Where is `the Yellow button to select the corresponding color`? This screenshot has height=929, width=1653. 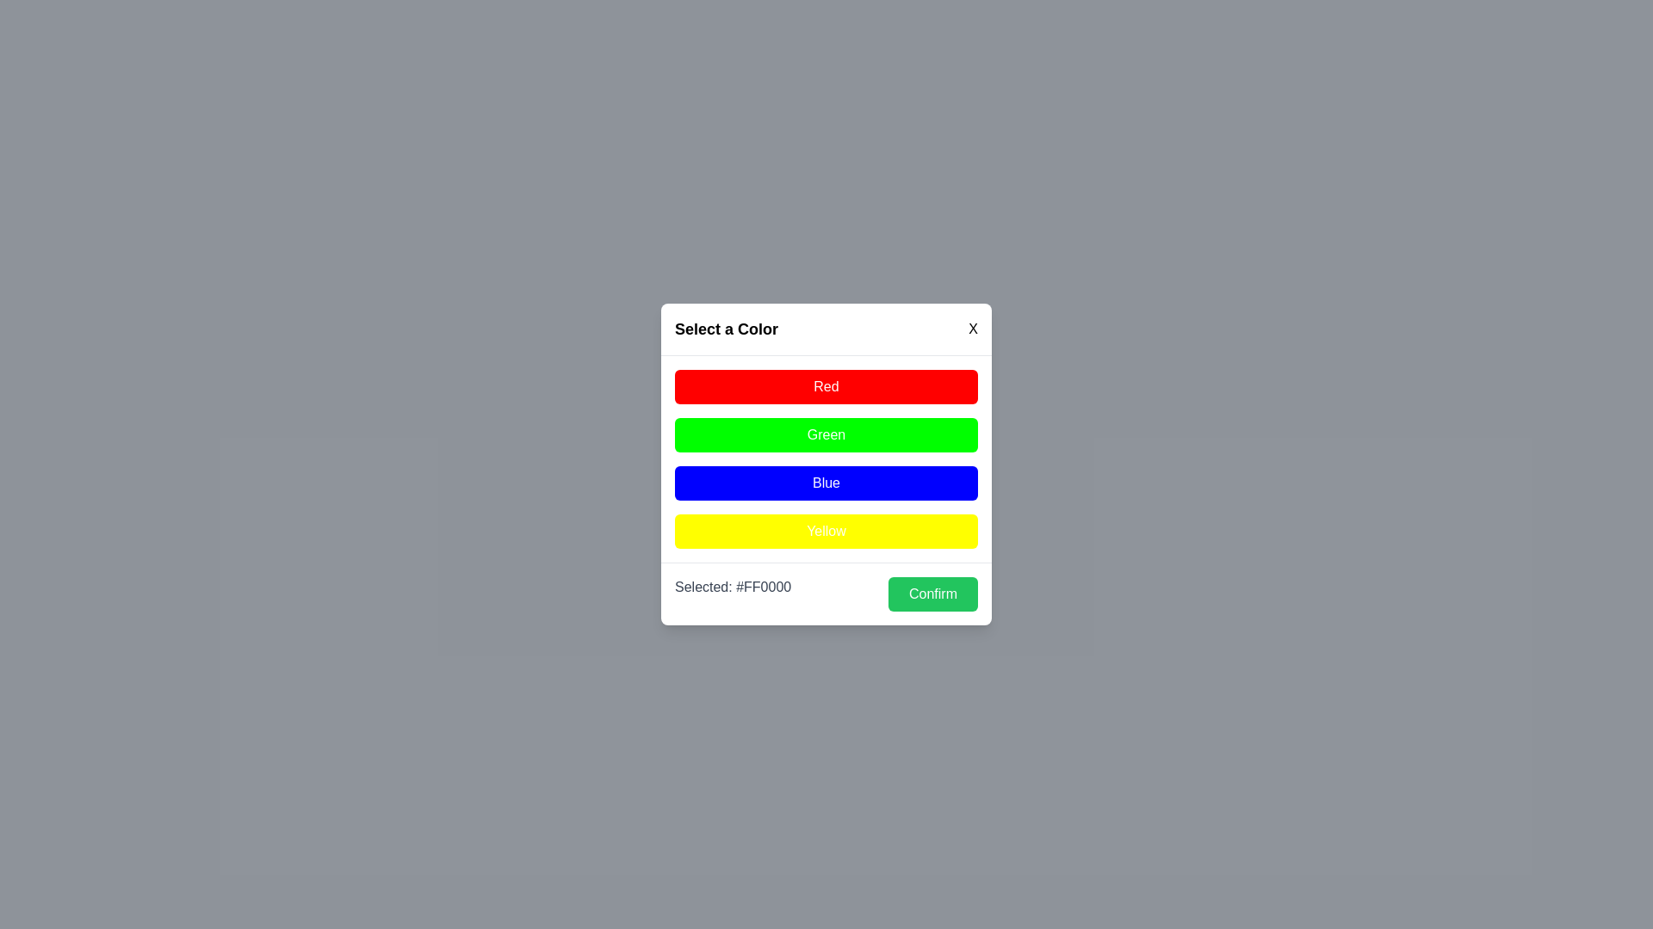
the Yellow button to select the corresponding color is located at coordinates (826, 530).